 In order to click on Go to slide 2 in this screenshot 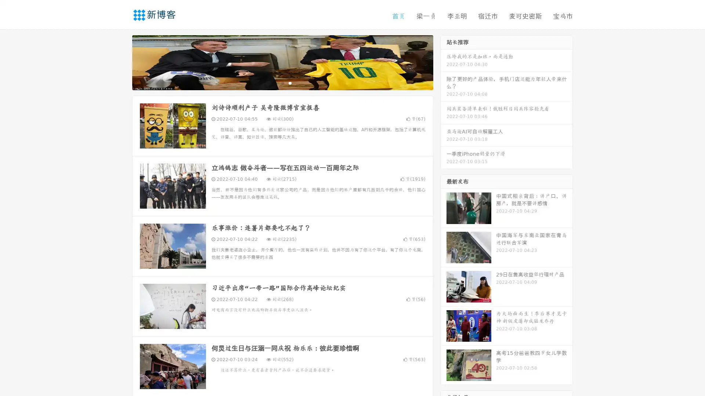, I will do `click(282, 82)`.